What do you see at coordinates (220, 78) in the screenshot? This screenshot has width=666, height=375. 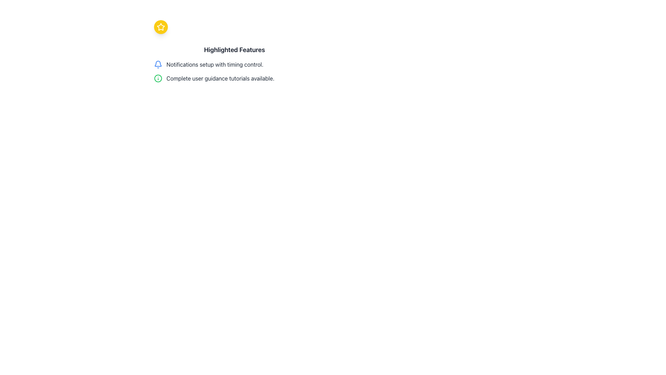 I see `text label that states 'Complete user guidance tutorials available.' positioned under the 'Highlighted Features' section, next to the green informational icon` at bounding box center [220, 78].